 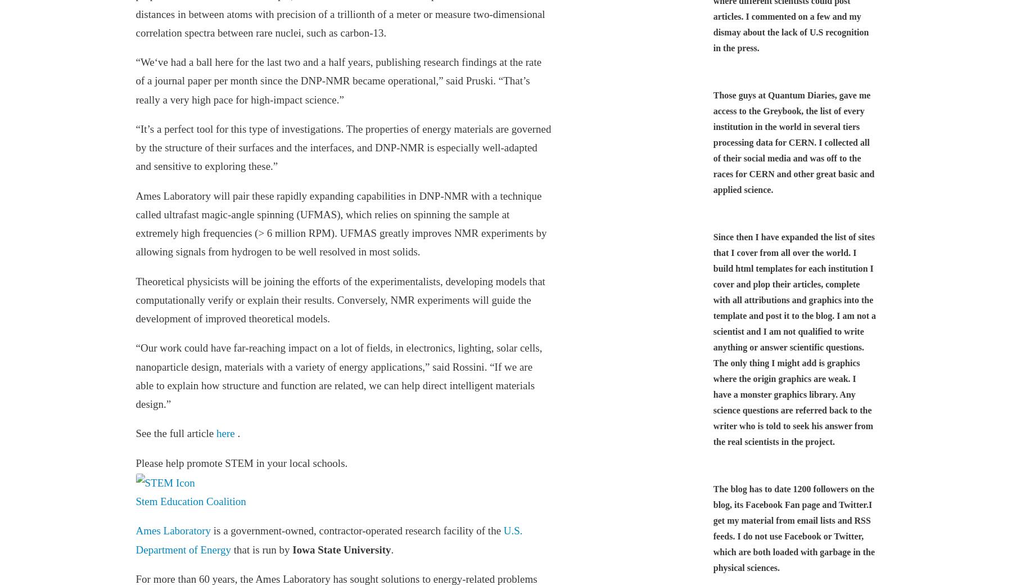 What do you see at coordinates (793, 142) in the screenshot?
I see `'Those guys at Quantum Diaries, gave me access to the Greybook, the list of every institution in the world in several tiers processing data for CERN. I collected all of their social media and was off to the races for CERN and other great basic and applied science.'` at bounding box center [793, 142].